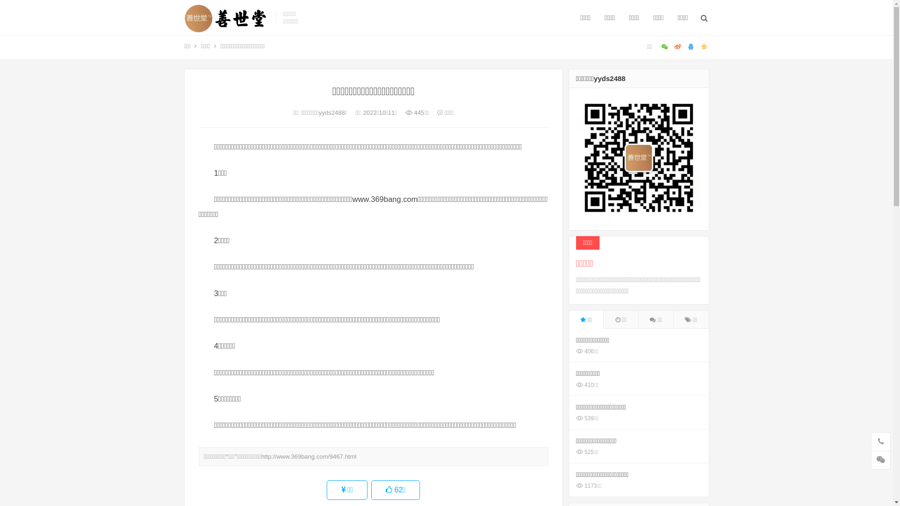  Describe the element at coordinates (308, 456) in the screenshot. I see `'http://www.369bang.com/9467.html'` at that location.